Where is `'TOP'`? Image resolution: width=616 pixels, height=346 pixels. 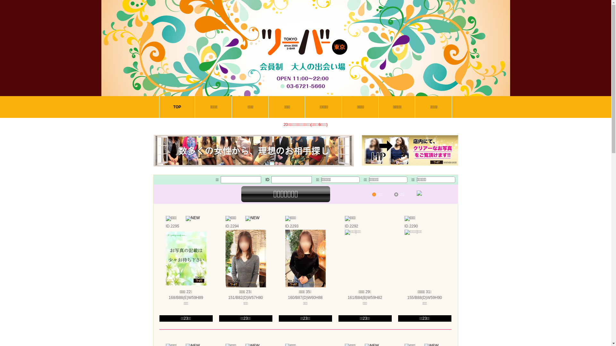 'TOP' is located at coordinates (177, 107).